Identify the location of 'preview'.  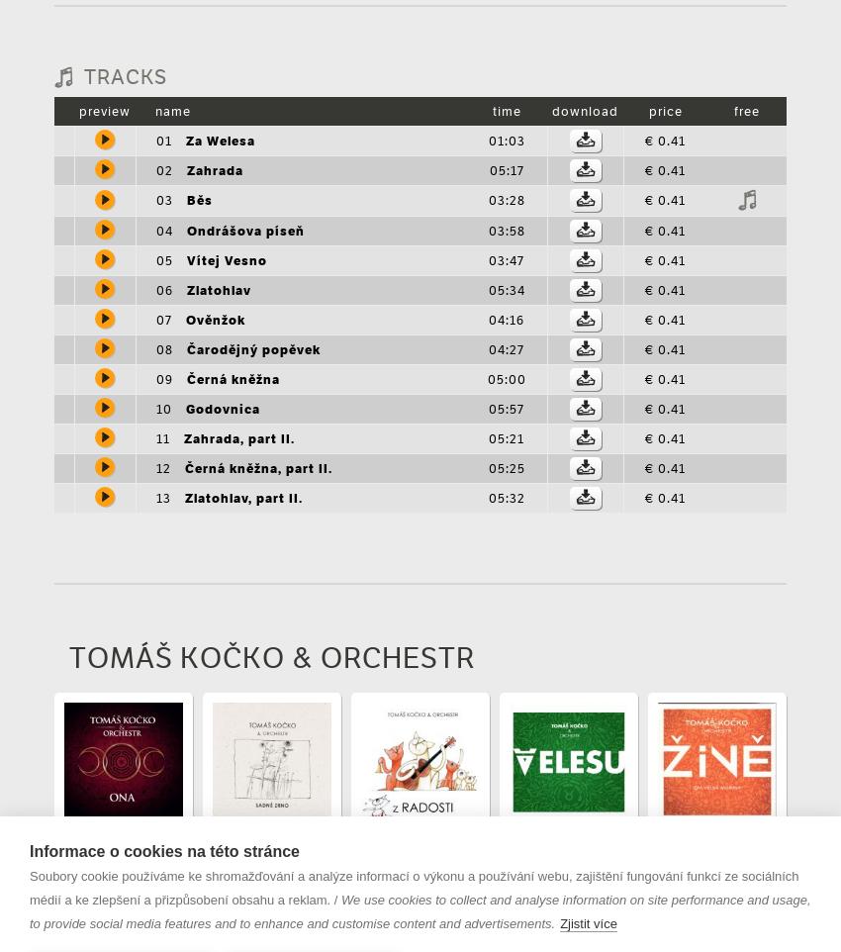
(78, 109).